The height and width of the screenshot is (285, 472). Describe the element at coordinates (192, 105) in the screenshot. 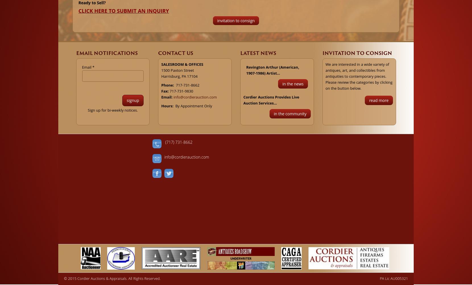

I see `'By Appointment Only'` at that location.